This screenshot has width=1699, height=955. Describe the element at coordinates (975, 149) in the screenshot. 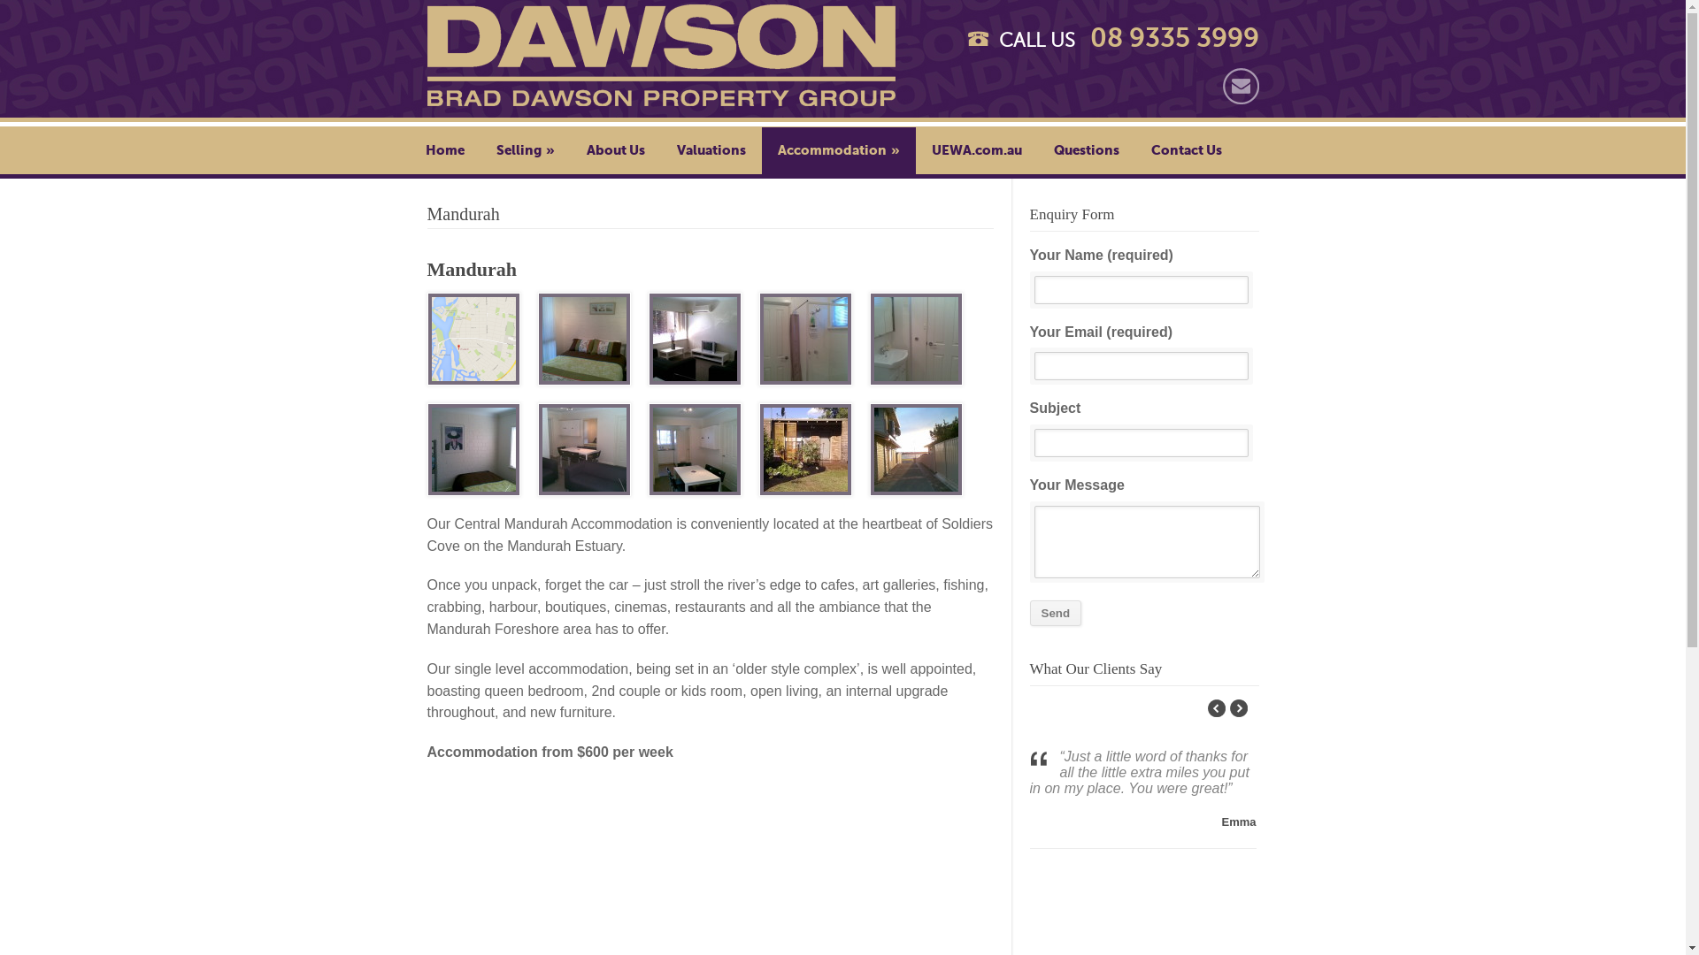

I see `'UEWA.com.au'` at that location.